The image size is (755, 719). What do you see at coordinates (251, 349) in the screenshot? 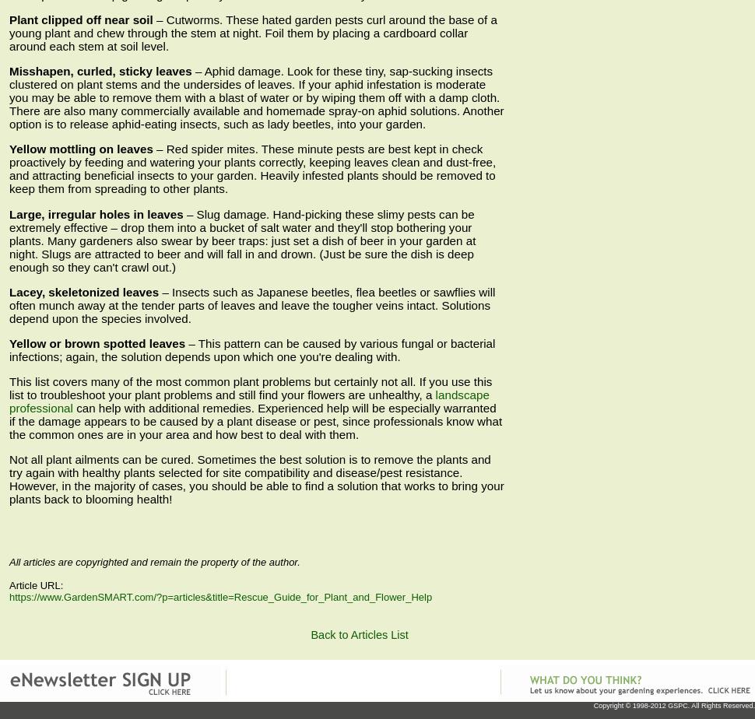
I see `'– This pattern can be caused by various fungal or bacterial infections; again, the solution depends upon which one you're dealing with.'` at bounding box center [251, 349].